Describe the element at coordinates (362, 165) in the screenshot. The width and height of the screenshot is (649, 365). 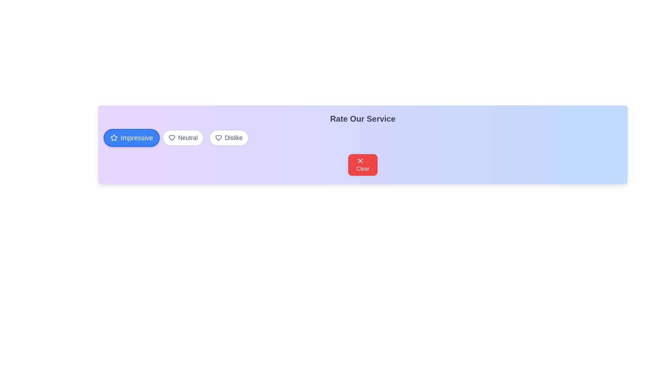
I see `the 'Clear' button to reset the selection` at that location.